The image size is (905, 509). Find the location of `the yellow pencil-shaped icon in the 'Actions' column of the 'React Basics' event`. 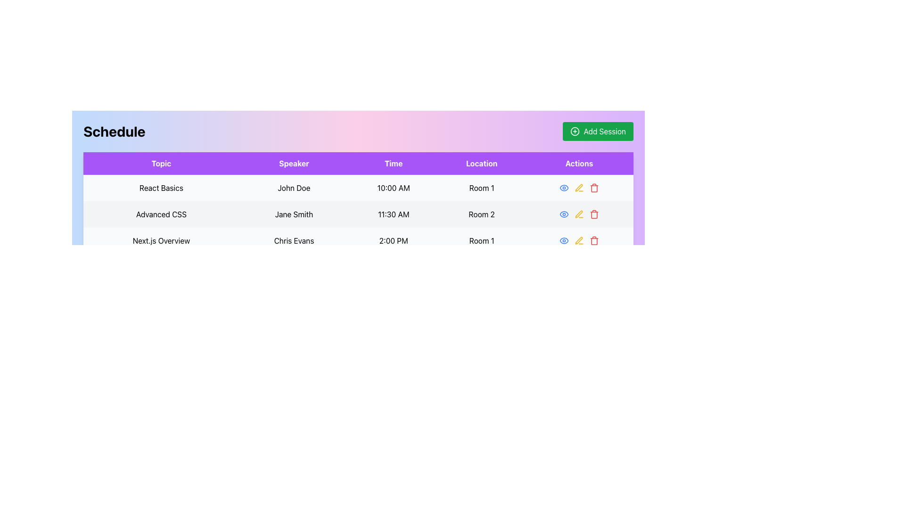

the yellow pencil-shaped icon in the 'Actions' column of the 'React Basics' event is located at coordinates (578, 188).